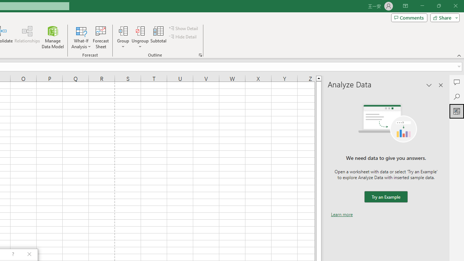 This screenshot has width=464, height=261. I want to click on 'Group and Outline Settings', so click(200, 54).